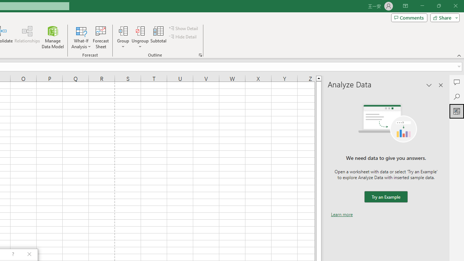 This screenshot has width=464, height=261. I want to click on 'Group and Outline Settings', so click(200, 54).